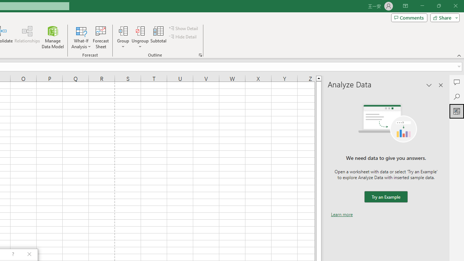 This screenshot has width=464, height=261. I want to click on 'Group and Outline Settings', so click(200, 54).